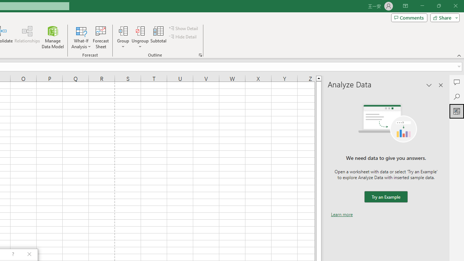 This screenshot has width=464, height=261. I want to click on 'Group and Outline Settings', so click(200, 54).